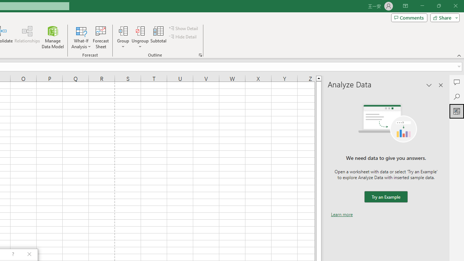 This screenshot has width=464, height=261. I want to click on 'Group and Outline Settings', so click(200, 54).